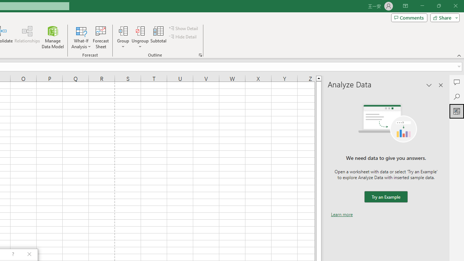 This screenshot has width=464, height=261. I want to click on 'Group and Outline Settings', so click(200, 54).